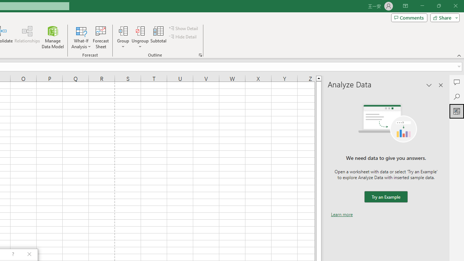 This screenshot has width=464, height=261. I want to click on 'Group and Outline Settings', so click(200, 54).